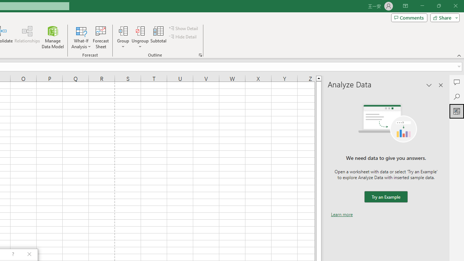 This screenshot has width=464, height=261. I want to click on 'Group and Outline Settings', so click(200, 54).